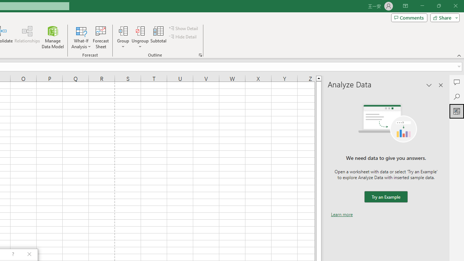 This screenshot has width=464, height=261. I want to click on 'Group and Outline Settings', so click(200, 54).